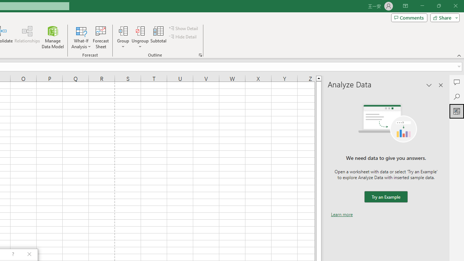 This screenshot has width=464, height=261. I want to click on 'Group and Outline Settings', so click(200, 54).